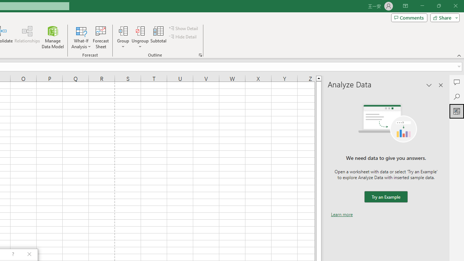 This screenshot has width=464, height=261. I want to click on 'Group and Outline Settings', so click(200, 54).